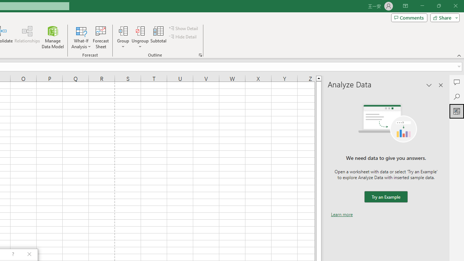 This screenshot has width=464, height=261. I want to click on 'Group and Outline Settings', so click(200, 54).